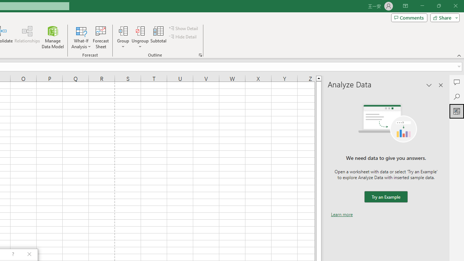 This screenshot has width=464, height=261. I want to click on 'Group and Outline Settings', so click(200, 54).